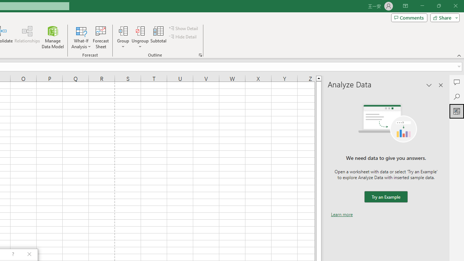 This screenshot has width=464, height=261. I want to click on 'Group and Outline Settings', so click(200, 54).